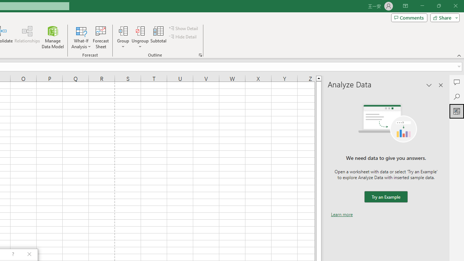 This screenshot has width=464, height=261. I want to click on 'Group and Outline Settings', so click(200, 54).